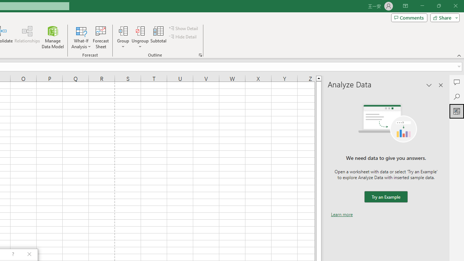 This screenshot has width=464, height=261. I want to click on 'Group and Outline Settings', so click(200, 54).